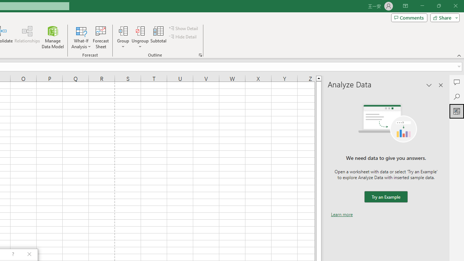 This screenshot has width=464, height=261. I want to click on 'Group and Outline Settings', so click(200, 54).